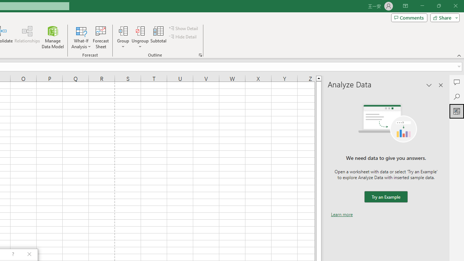 This screenshot has width=464, height=261. I want to click on 'Group and Outline Settings', so click(200, 54).